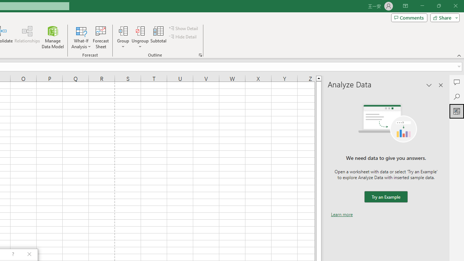 This screenshot has width=464, height=261. I want to click on 'Group and Outline Settings', so click(200, 54).